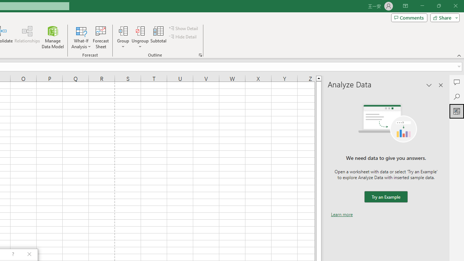 This screenshot has width=464, height=261. I want to click on 'Group and Outline Settings', so click(200, 54).